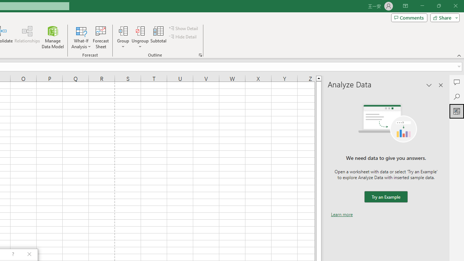 This screenshot has width=464, height=261. I want to click on 'Group and Outline Settings', so click(200, 54).